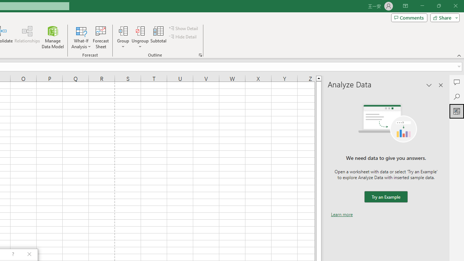 This screenshot has width=464, height=261. I want to click on 'Group and Outline Settings', so click(200, 54).